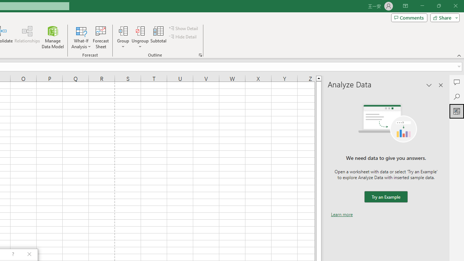 This screenshot has width=464, height=261. I want to click on 'Group and Outline Settings', so click(200, 54).